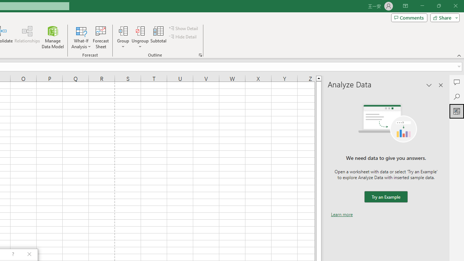 This screenshot has width=464, height=261. I want to click on 'Group and Outline Settings', so click(200, 54).